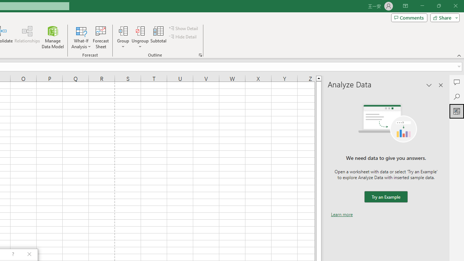 This screenshot has width=464, height=261. I want to click on 'Group and Outline Settings', so click(200, 54).